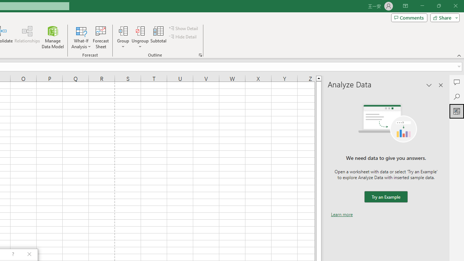 This screenshot has width=464, height=261. I want to click on 'Group and Outline Settings', so click(200, 54).